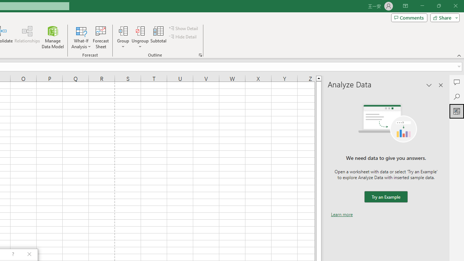 This screenshot has width=464, height=261. I want to click on 'Group and Outline Settings', so click(200, 54).